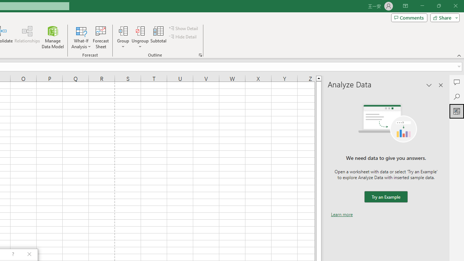 This screenshot has width=464, height=261. I want to click on 'Group and Outline Settings', so click(200, 54).